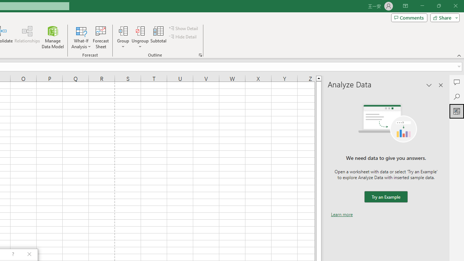 This screenshot has width=464, height=261. I want to click on 'Group and Outline Settings', so click(200, 54).